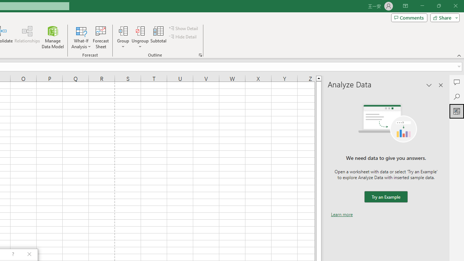 This screenshot has width=464, height=261. I want to click on 'Group and Outline Settings', so click(200, 54).